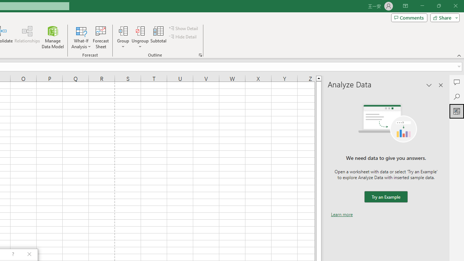 This screenshot has width=464, height=261. I want to click on 'Group and Outline Settings', so click(200, 54).